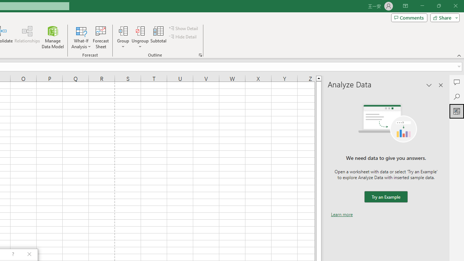 This screenshot has width=464, height=261. I want to click on 'Group and Outline Settings', so click(200, 54).